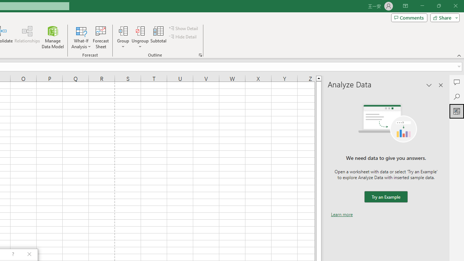 This screenshot has width=464, height=261. I want to click on 'Group and Outline Settings', so click(200, 54).